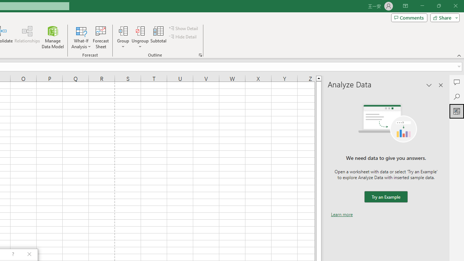 This screenshot has width=464, height=261. I want to click on 'Group and Outline Settings', so click(200, 54).